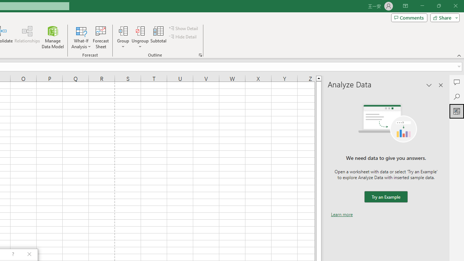 This screenshot has width=464, height=261. I want to click on 'Group and Outline Settings', so click(200, 54).